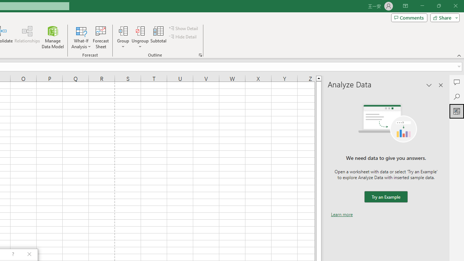 This screenshot has width=464, height=261. I want to click on 'Group and Outline Settings', so click(200, 54).